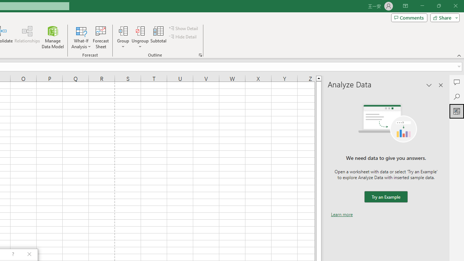 This screenshot has width=464, height=261. I want to click on 'Group and Outline Settings', so click(200, 54).